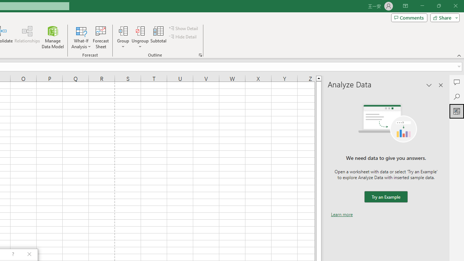 This screenshot has width=464, height=261. I want to click on 'Group and Outline Settings', so click(200, 54).